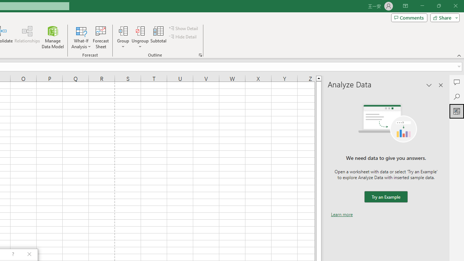 This screenshot has width=464, height=261. I want to click on 'Group and Outline Settings', so click(200, 54).